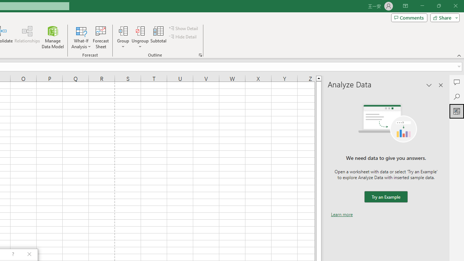 This screenshot has width=464, height=261. I want to click on 'Group and Outline Settings', so click(200, 54).